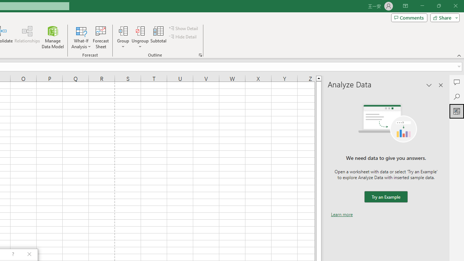 This screenshot has width=464, height=261. I want to click on 'Group and Outline Settings', so click(200, 54).